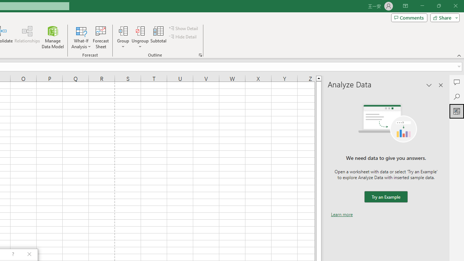 This screenshot has width=464, height=261. I want to click on 'Group and Outline Settings', so click(200, 54).